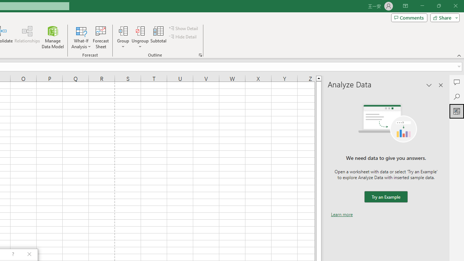 This screenshot has width=464, height=261. I want to click on 'Group and Outline Settings', so click(200, 54).